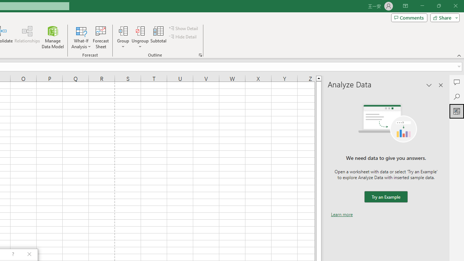 This screenshot has width=464, height=261. I want to click on 'Group and Outline Settings', so click(200, 54).